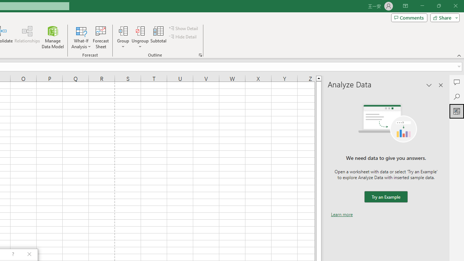 This screenshot has width=464, height=261. I want to click on 'Group and Outline Settings', so click(200, 54).